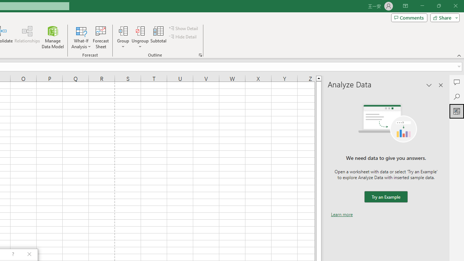 This screenshot has width=464, height=261. I want to click on 'Group and Outline Settings', so click(200, 54).